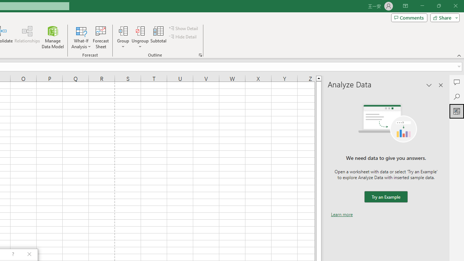 This screenshot has width=464, height=261. I want to click on 'Group and Outline Settings', so click(200, 54).